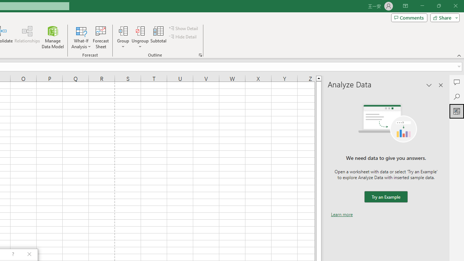 This screenshot has width=464, height=261. I want to click on 'Group and Outline Settings', so click(200, 54).